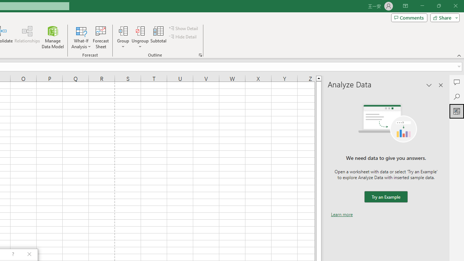 This screenshot has width=464, height=261. I want to click on 'Group and Outline Settings', so click(200, 54).